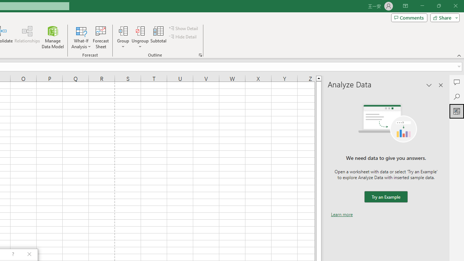 This screenshot has width=464, height=261. I want to click on 'Group and Outline Settings', so click(200, 54).